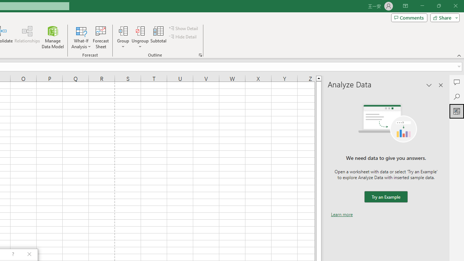 This screenshot has width=464, height=261. I want to click on 'Group and Outline Settings', so click(200, 54).